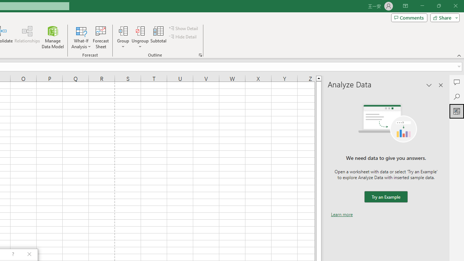 This screenshot has width=464, height=261. I want to click on 'Group and Outline Settings', so click(200, 54).